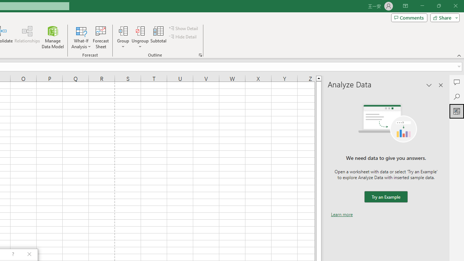 This screenshot has width=464, height=261. I want to click on 'Group and Outline Settings', so click(200, 54).